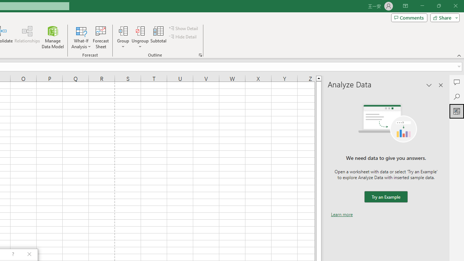 This screenshot has width=464, height=261. I want to click on 'Group and Outline Settings', so click(200, 54).